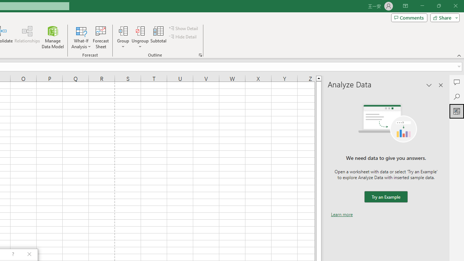 This screenshot has width=464, height=261. I want to click on 'Group and Outline Settings', so click(200, 54).